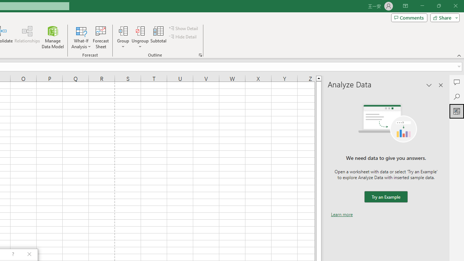 This screenshot has width=464, height=261. I want to click on 'Group and Outline Settings', so click(200, 54).